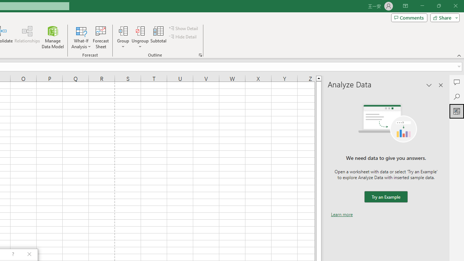 This screenshot has width=464, height=261. I want to click on 'Group and Outline Settings', so click(200, 54).